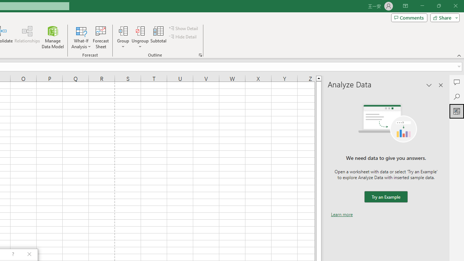 This screenshot has width=464, height=261. I want to click on 'Group and Outline Settings', so click(200, 54).